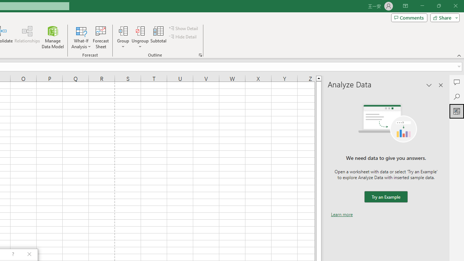 This screenshot has width=464, height=261. I want to click on 'Group and Outline Settings', so click(200, 54).